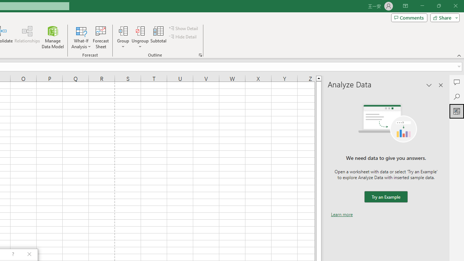 This screenshot has width=464, height=261. I want to click on 'Group and Outline Settings', so click(200, 54).